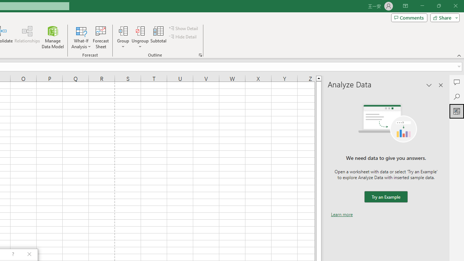 This screenshot has width=464, height=261. I want to click on 'Group and Outline Settings', so click(200, 54).